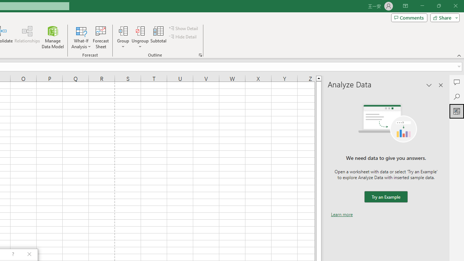 This screenshot has width=464, height=261. I want to click on 'Group and Outline Settings', so click(200, 54).